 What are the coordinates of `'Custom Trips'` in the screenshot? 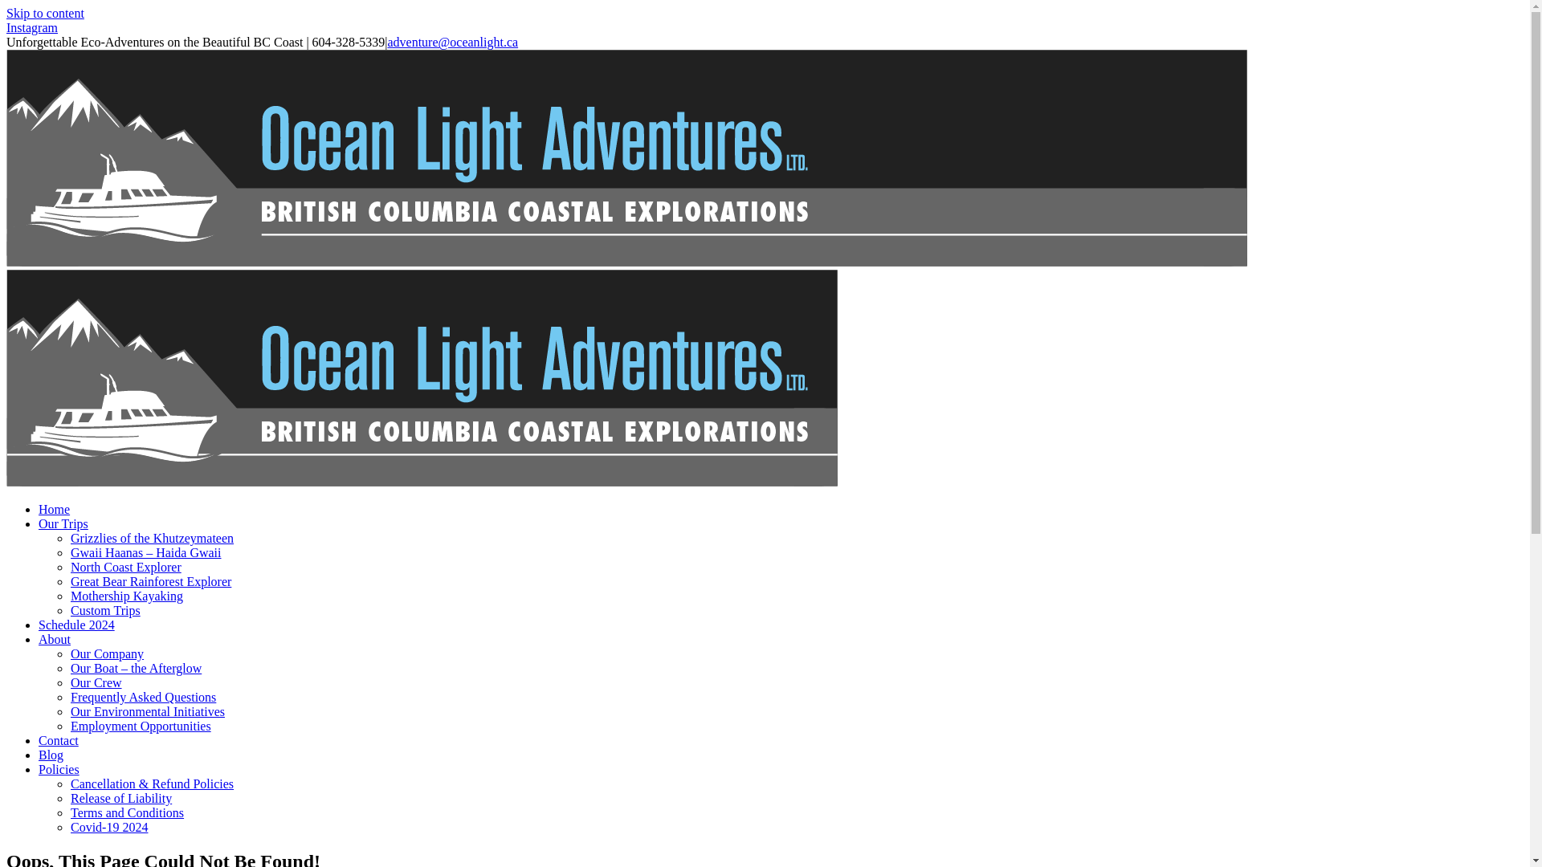 It's located at (69, 610).